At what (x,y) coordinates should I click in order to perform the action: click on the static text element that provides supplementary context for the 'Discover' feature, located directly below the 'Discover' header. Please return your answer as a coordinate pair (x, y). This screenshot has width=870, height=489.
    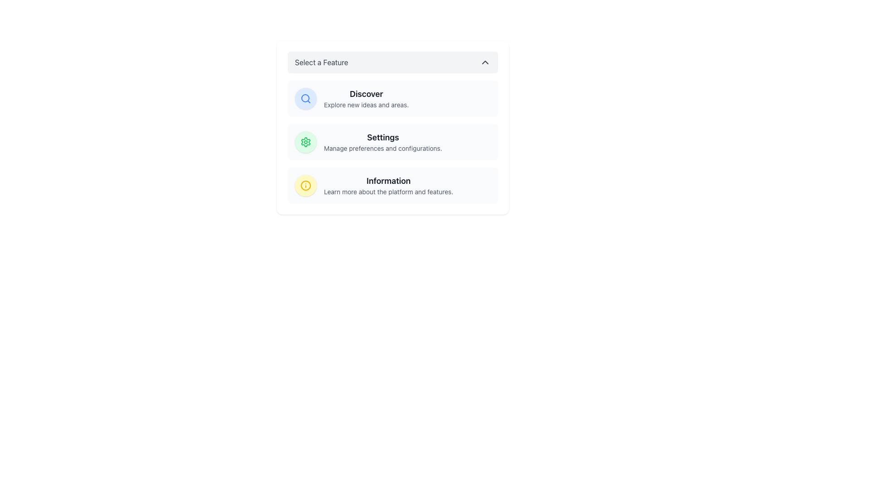
    Looking at the image, I should click on (366, 104).